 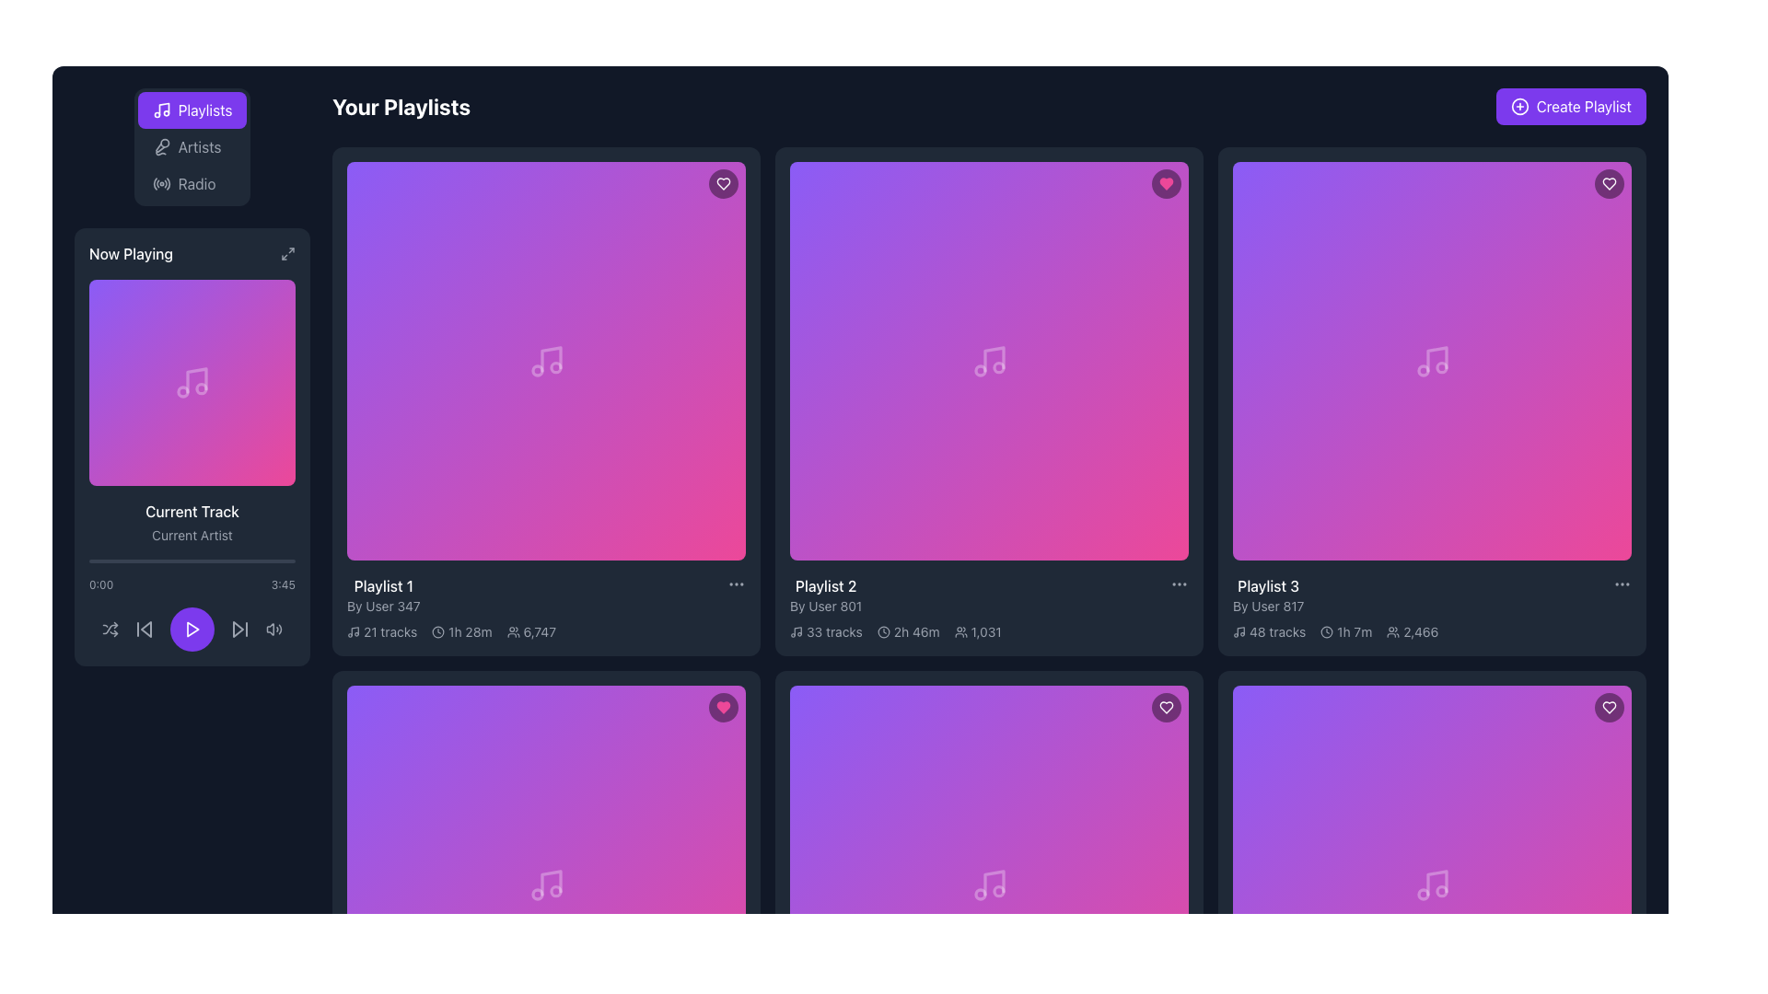 I want to click on the 'like' or 'favorite' Icon button located in the top-right corner of the second playlist card, which is highlighted by a rounded background, so click(x=1166, y=184).